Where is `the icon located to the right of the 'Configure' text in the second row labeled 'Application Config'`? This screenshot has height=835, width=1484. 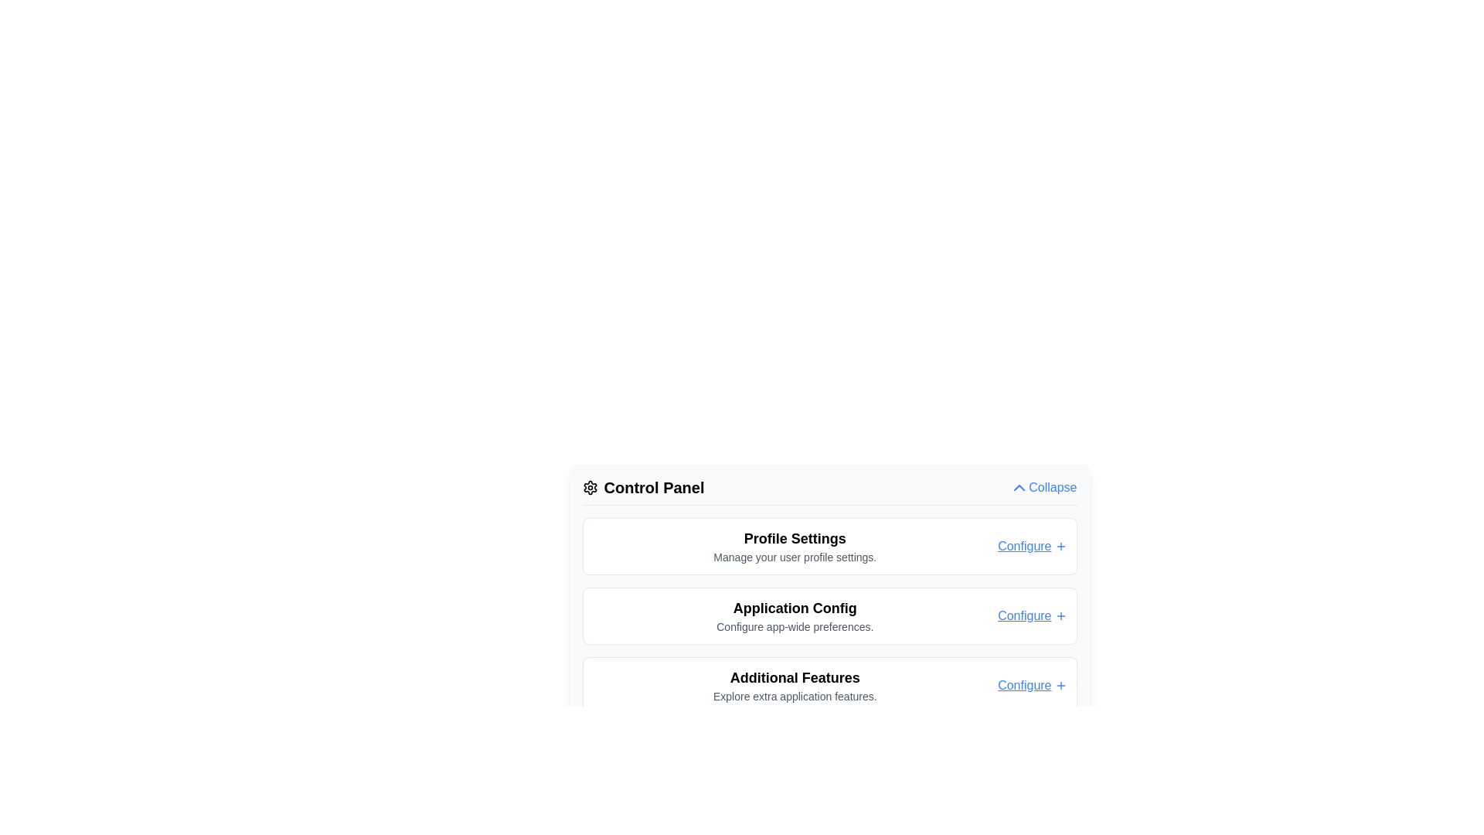 the icon located to the right of the 'Configure' text in the second row labeled 'Application Config' is located at coordinates (1060, 615).